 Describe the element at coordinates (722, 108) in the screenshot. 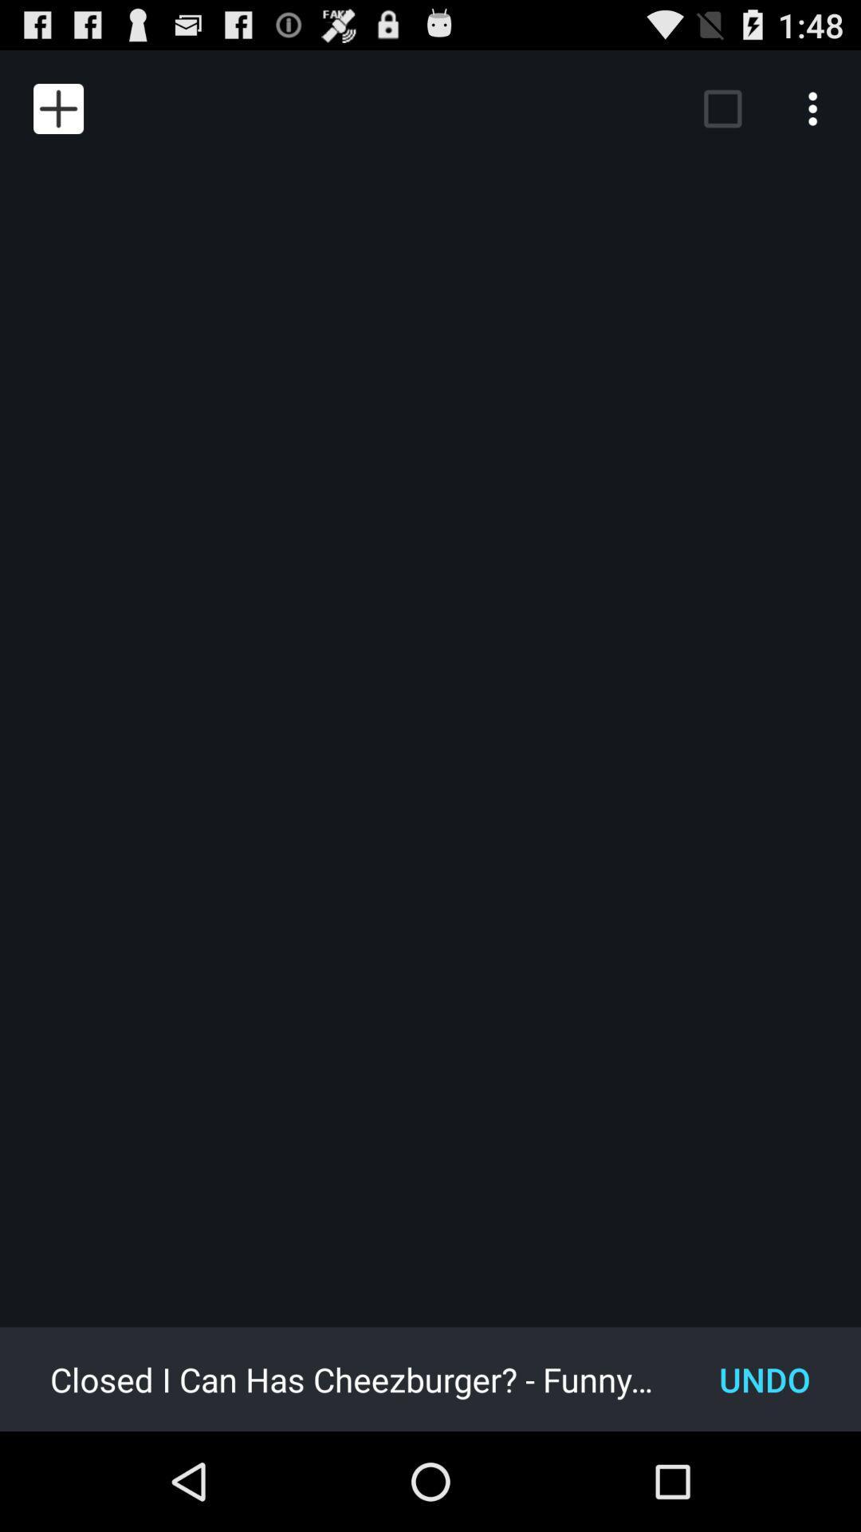

I see `the item above undo item` at that location.